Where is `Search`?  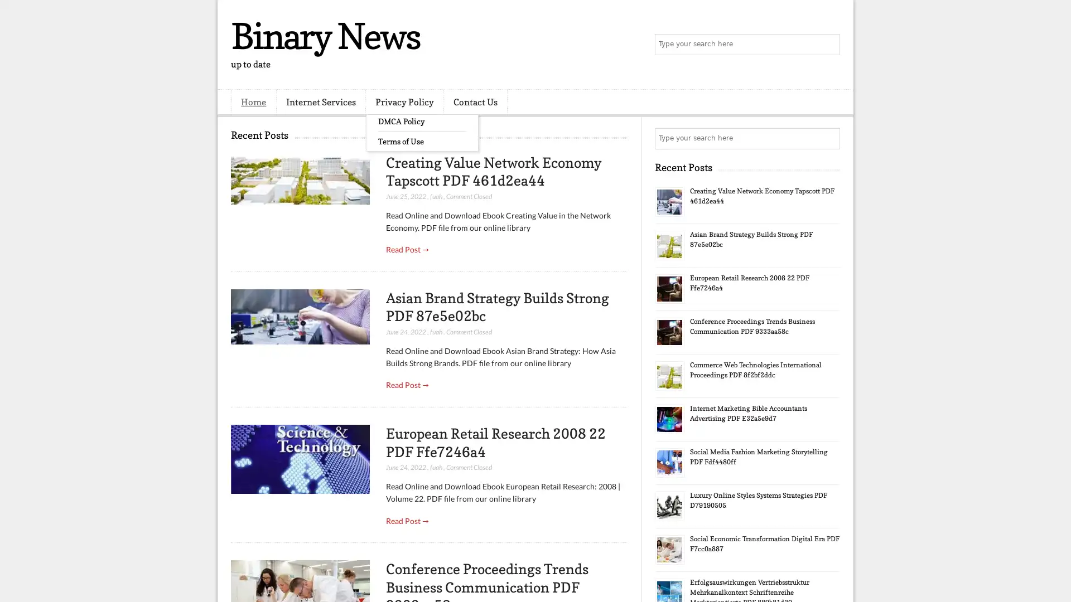
Search is located at coordinates (828, 138).